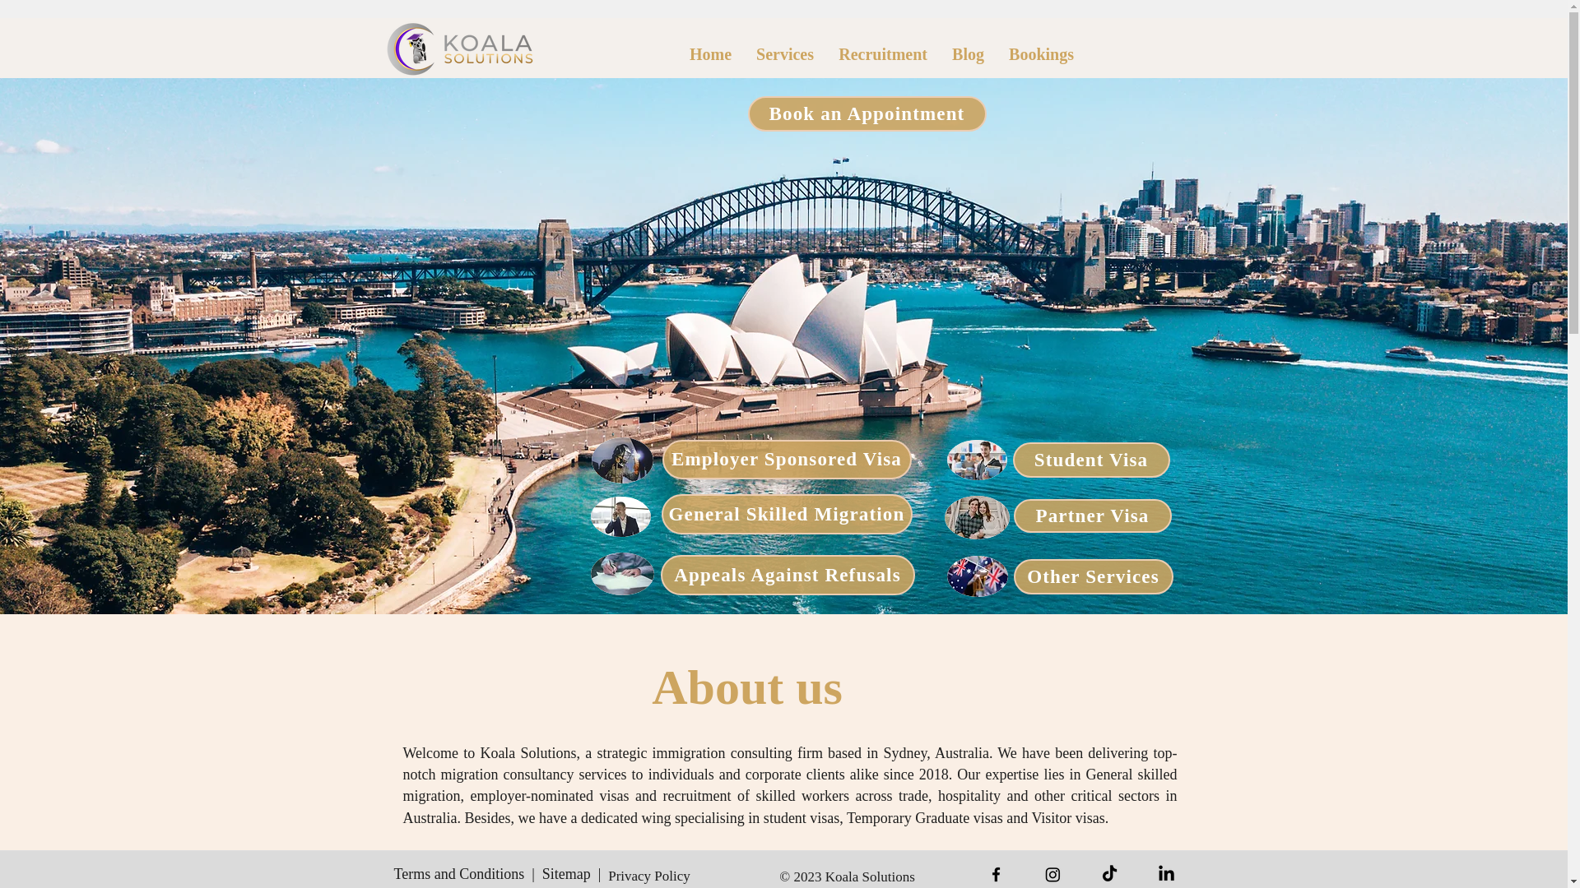  What do you see at coordinates (784, 53) in the screenshot?
I see `'Services'` at bounding box center [784, 53].